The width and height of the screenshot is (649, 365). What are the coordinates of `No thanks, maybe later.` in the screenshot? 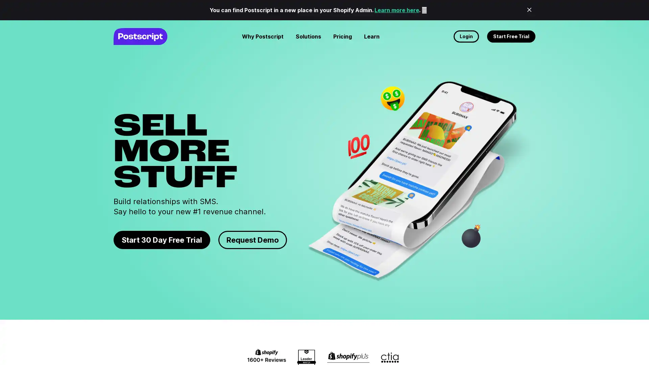 It's located at (586, 355).